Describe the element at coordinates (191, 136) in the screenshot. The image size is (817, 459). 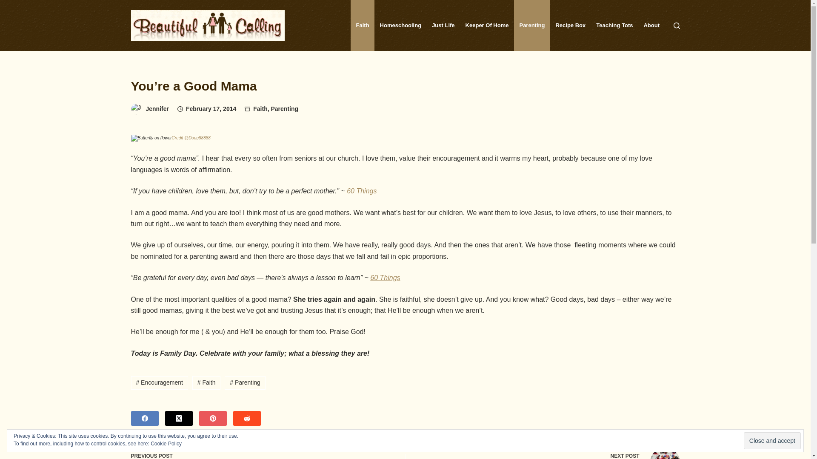
I see `'Credit @Doug88888'` at that location.